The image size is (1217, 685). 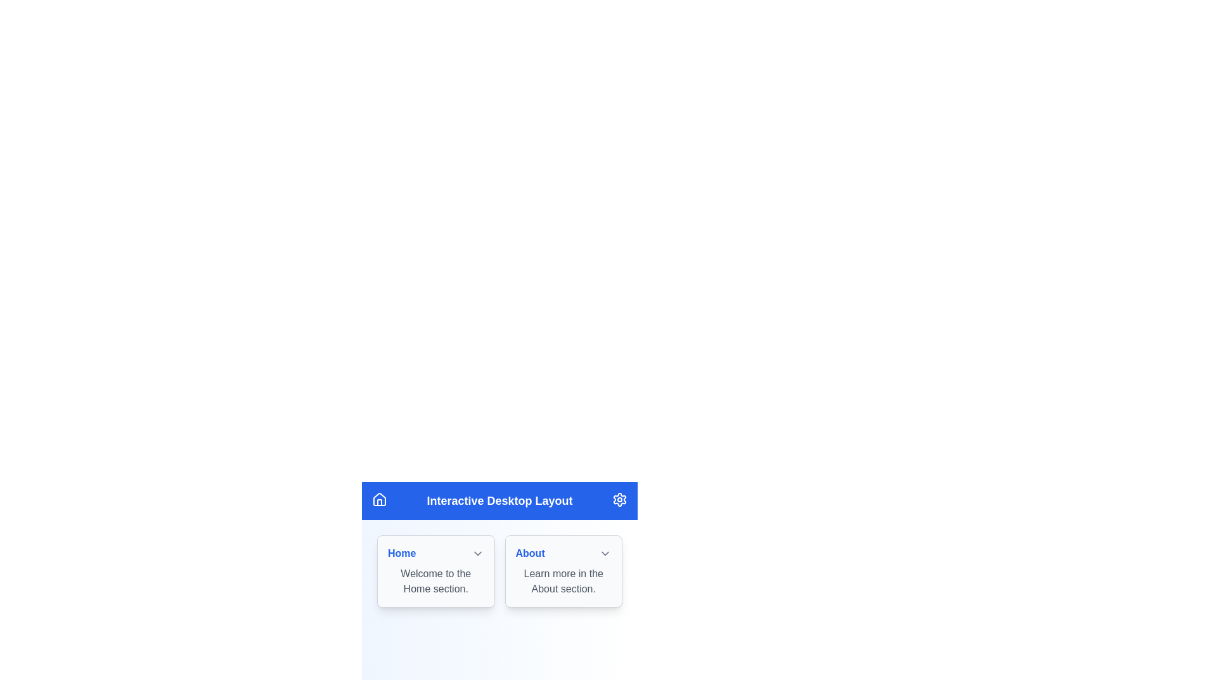 I want to click on the 'About' card, which is the second card in a grid layout, featuring a light gray background, a bold blue header, and descriptive text, so click(x=563, y=571).